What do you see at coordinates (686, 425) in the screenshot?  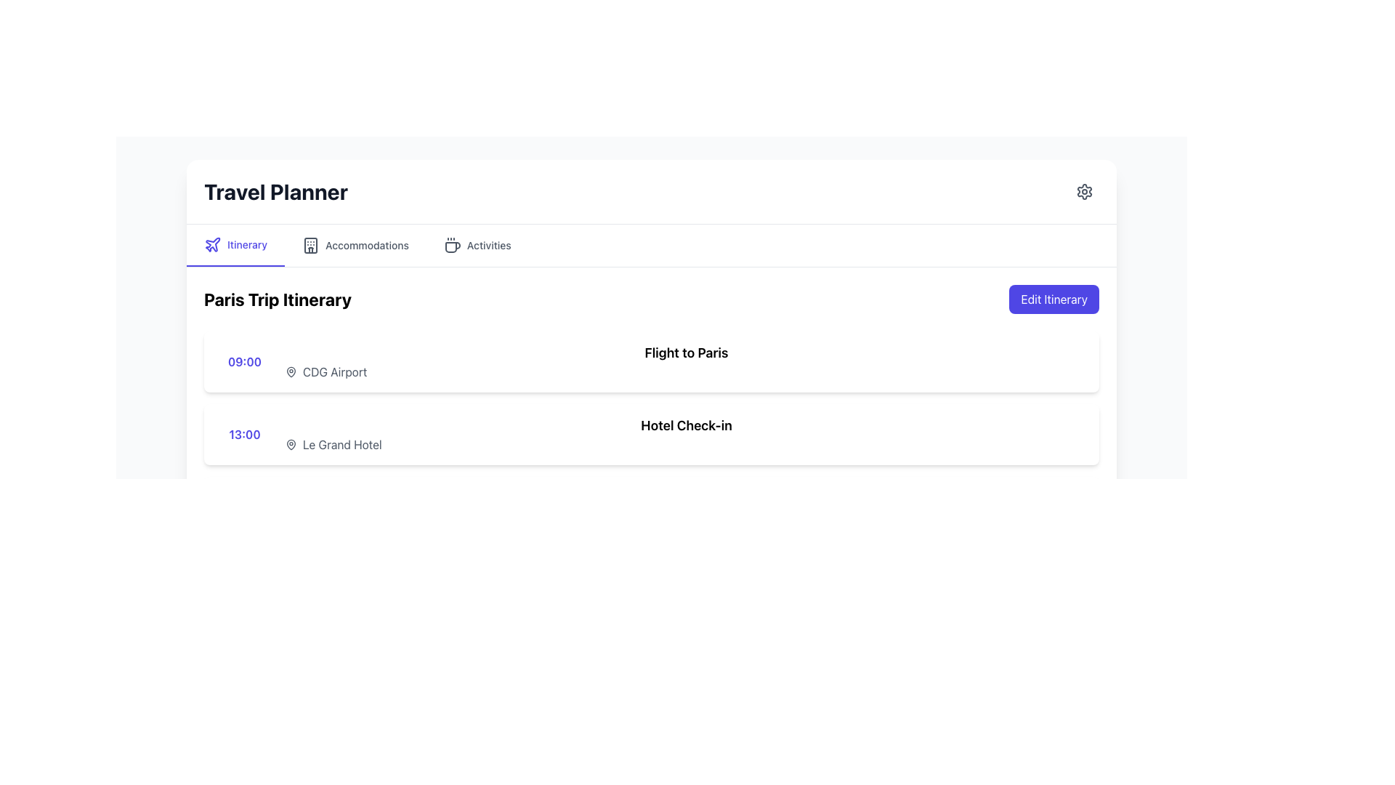 I see `the 'Hotel Check-in' header label` at bounding box center [686, 425].